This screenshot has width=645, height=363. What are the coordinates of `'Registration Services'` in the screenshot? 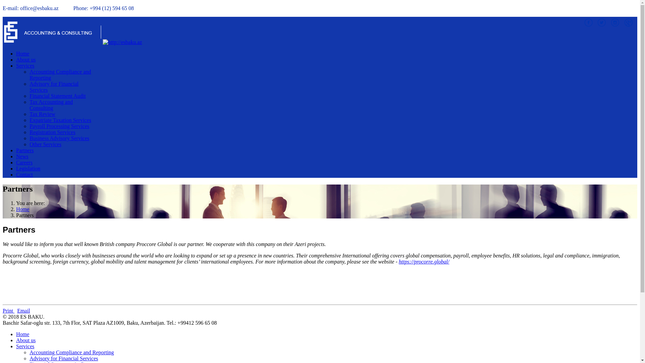 It's located at (52, 132).